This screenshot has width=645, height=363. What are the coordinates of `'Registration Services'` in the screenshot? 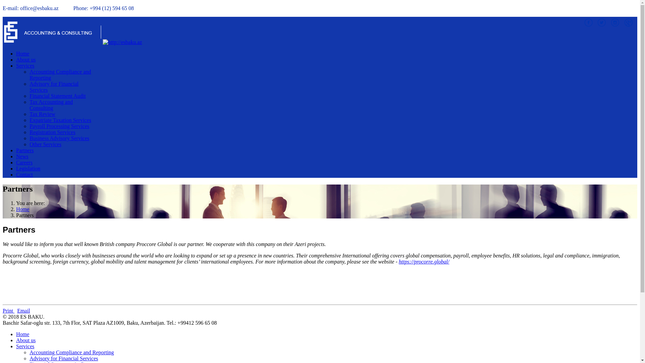 It's located at (52, 132).